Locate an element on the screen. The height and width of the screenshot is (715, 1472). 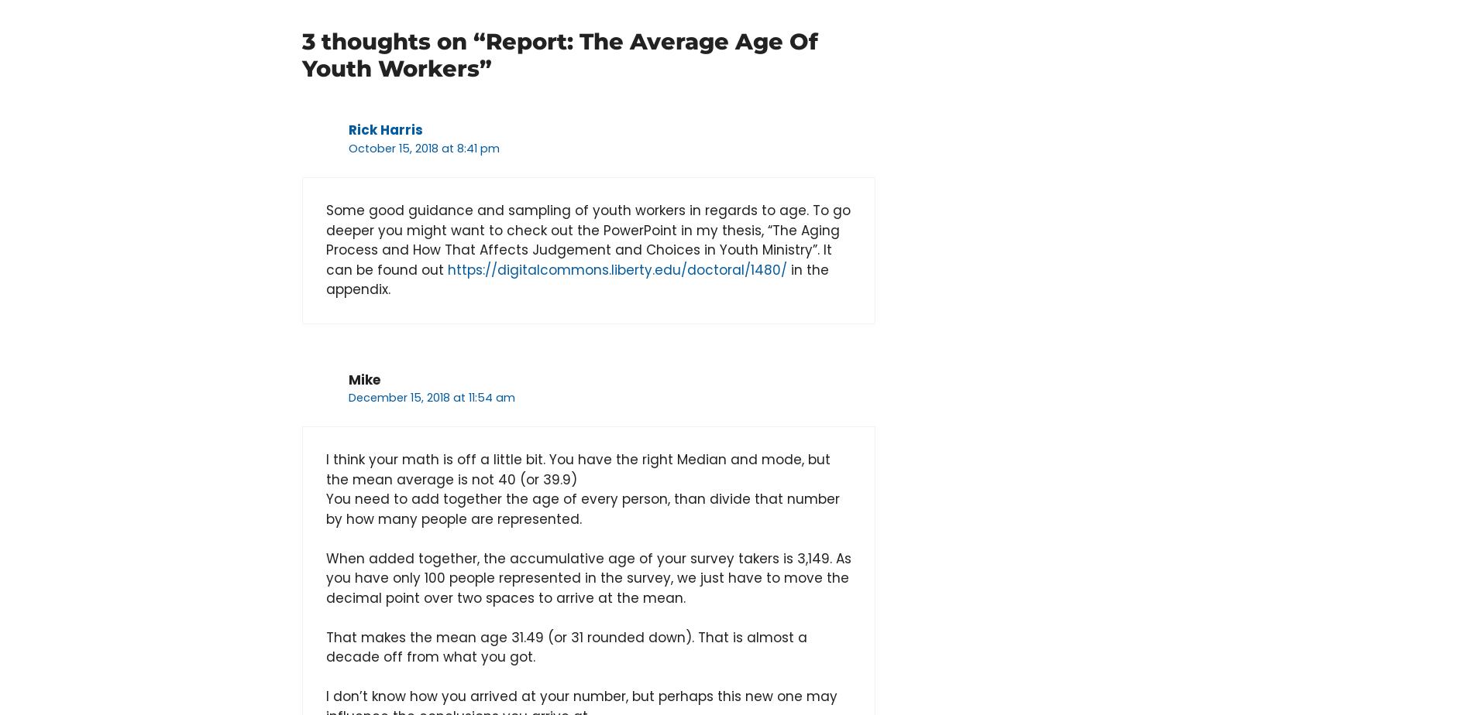
'Mike' is located at coordinates (363, 378).